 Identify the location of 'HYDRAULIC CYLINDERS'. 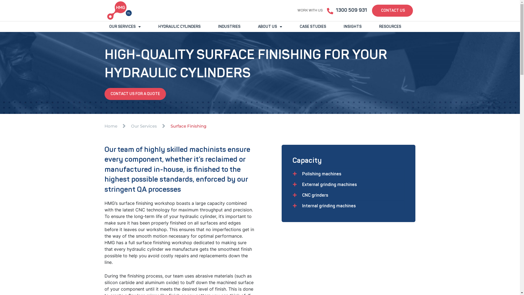
(179, 26).